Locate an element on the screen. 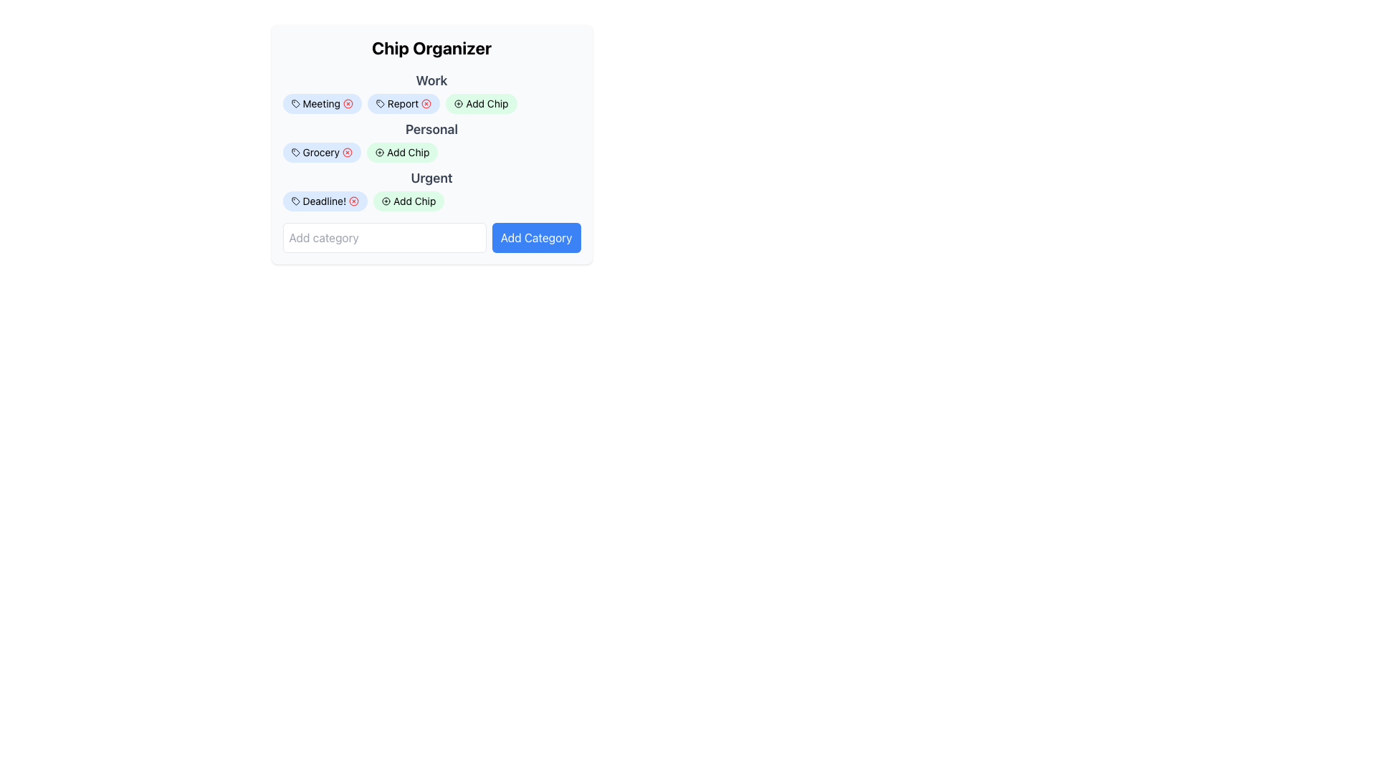  the button that adds a new chip related to the 'Urgent' category, positioned directly to the right of the 'Deadline!' tag is located at coordinates (408, 201).